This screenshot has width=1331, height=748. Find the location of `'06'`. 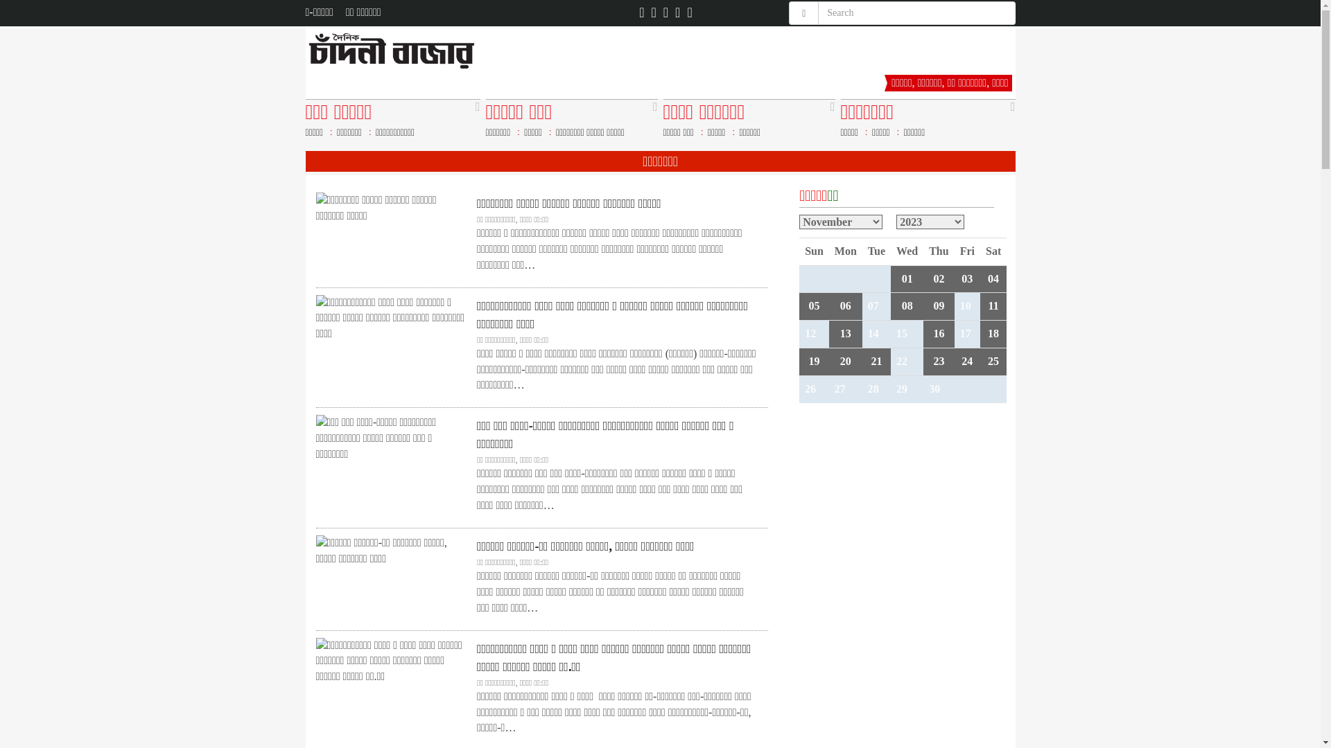

'06' is located at coordinates (844, 305).